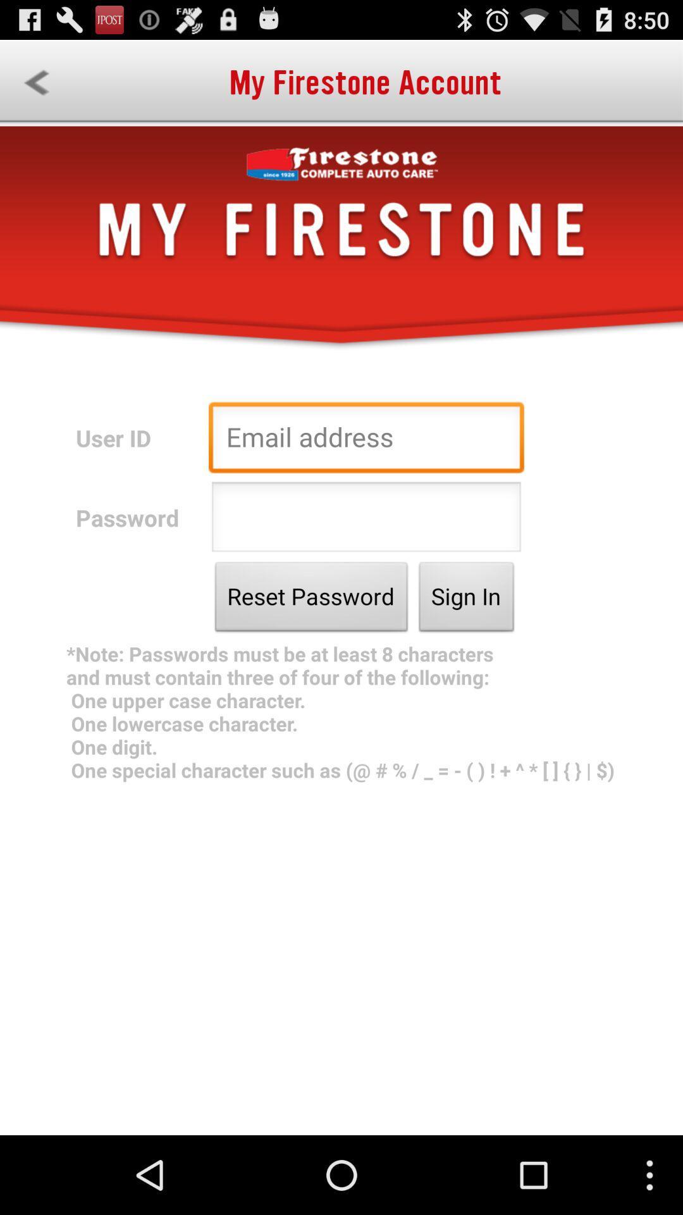  I want to click on the item above the note passwords must item, so click(466, 599).